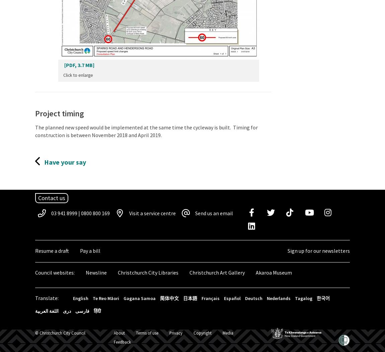 Image resolution: width=385 pixels, height=352 pixels. Describe the element at coordinates (228, 333) in the screenshot. I see `'Media'` at that location.